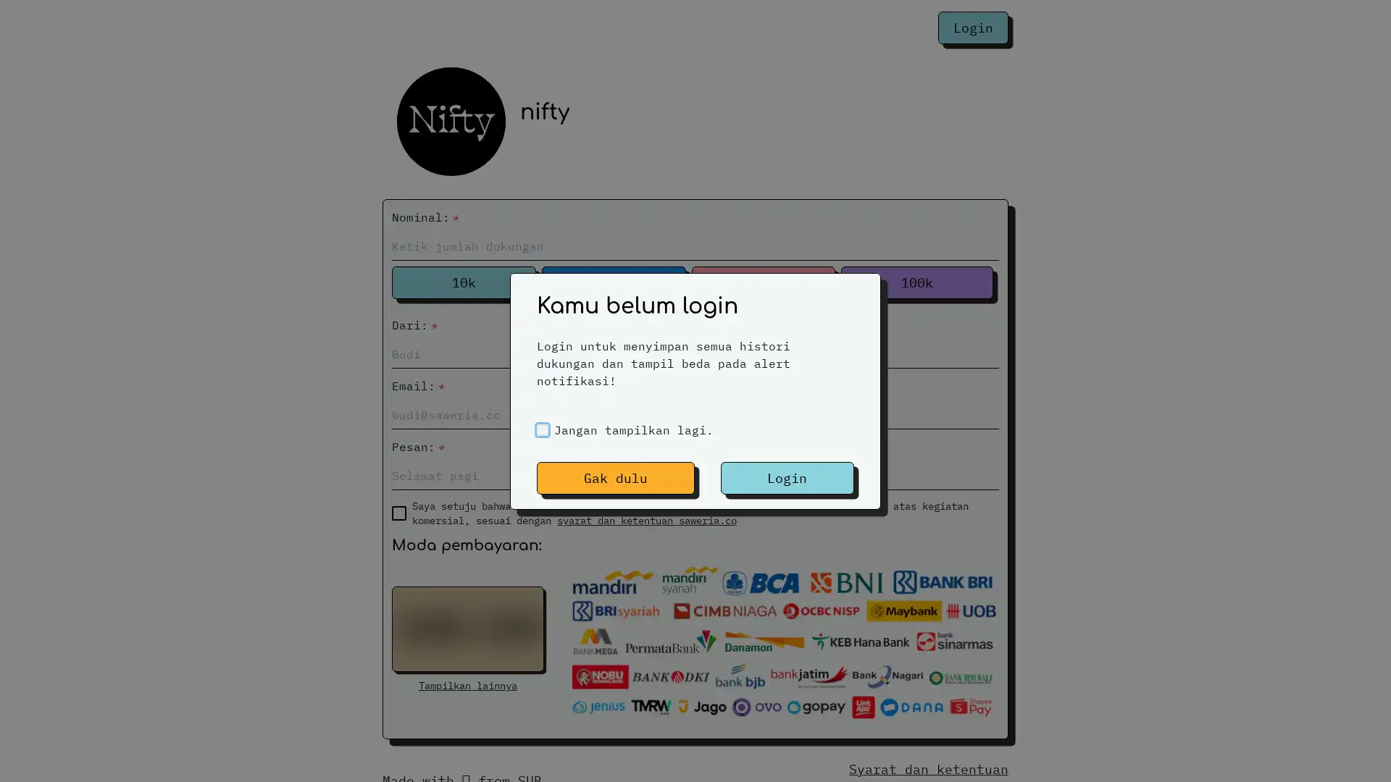 This screenshot has height=782, width=1391. Describe the element at coordinates (916, 282) in the screenshot. I see `100k` at that location.